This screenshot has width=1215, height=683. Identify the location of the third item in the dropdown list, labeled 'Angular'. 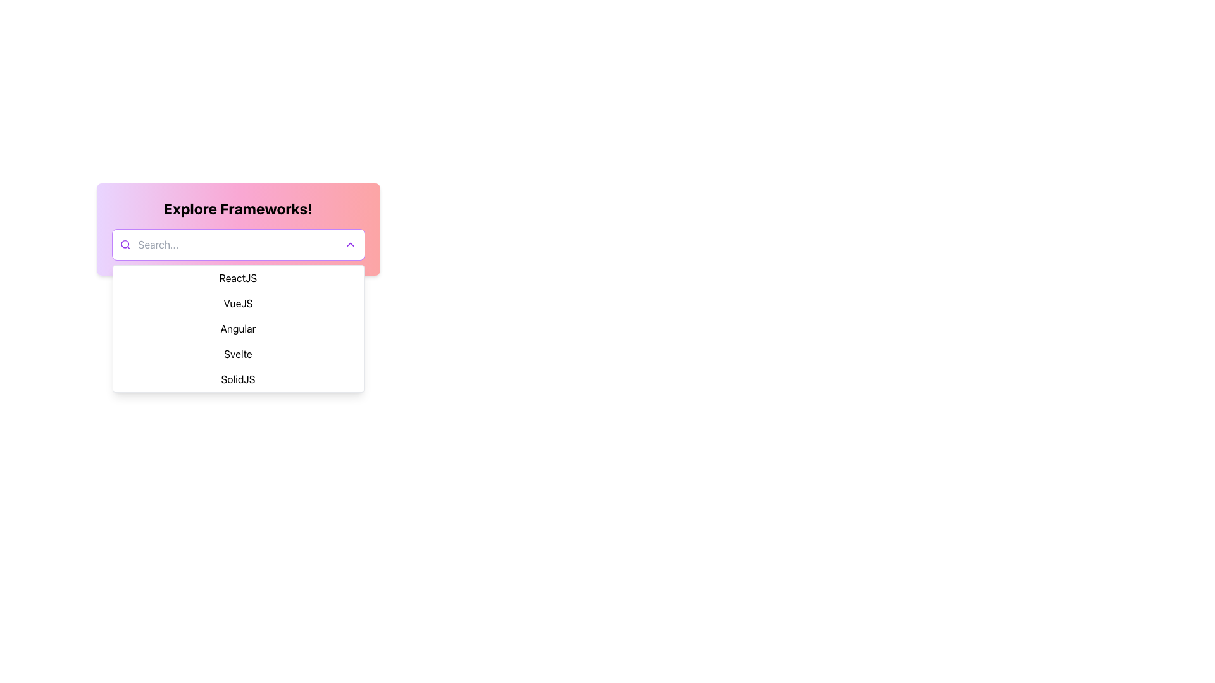
(238, 328).